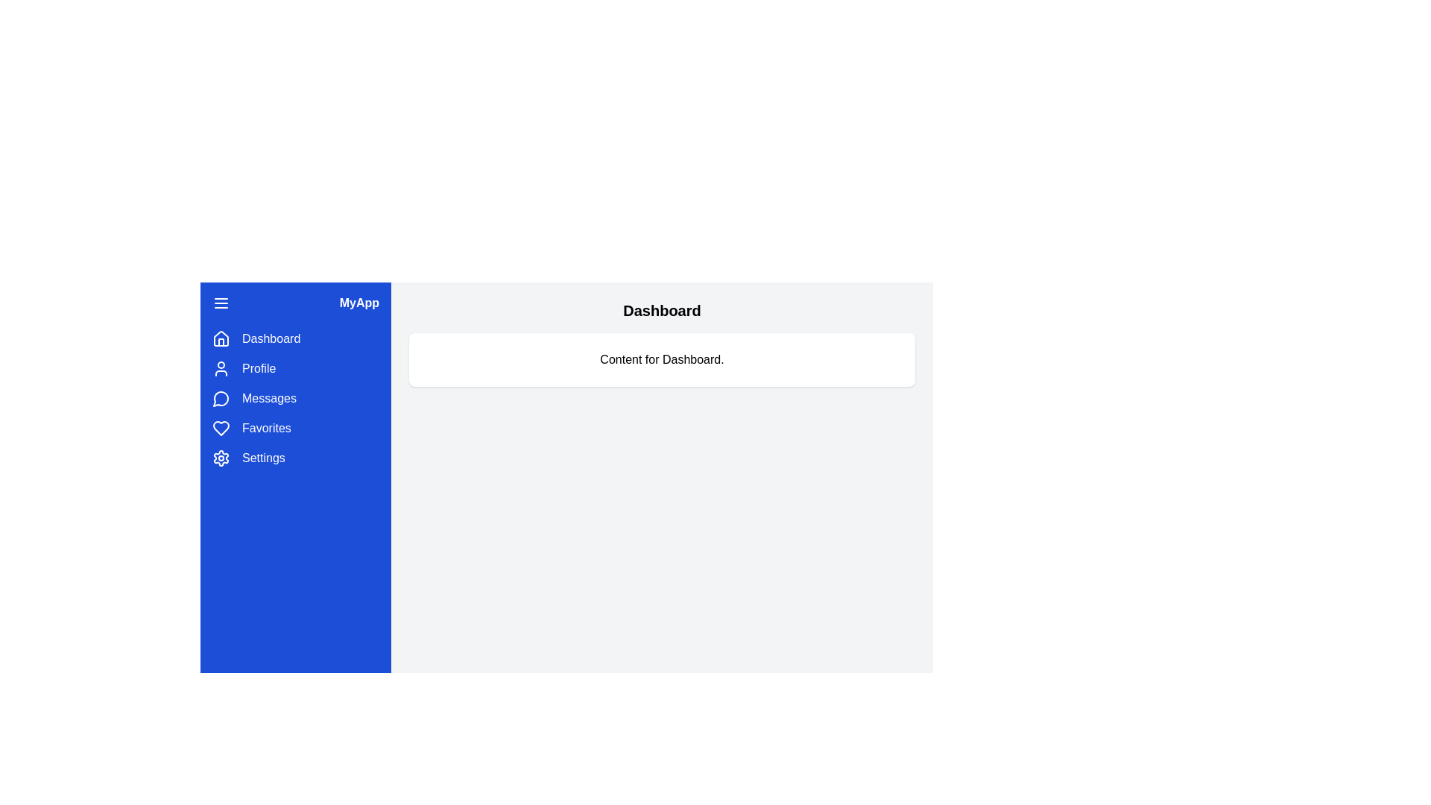  Describe the element at coordinates (221, 457) in the screenshot. I see `the circular gear-like icon in the navigation menu, located directly below the heart-shaped 'Favorites' icon` at that location.